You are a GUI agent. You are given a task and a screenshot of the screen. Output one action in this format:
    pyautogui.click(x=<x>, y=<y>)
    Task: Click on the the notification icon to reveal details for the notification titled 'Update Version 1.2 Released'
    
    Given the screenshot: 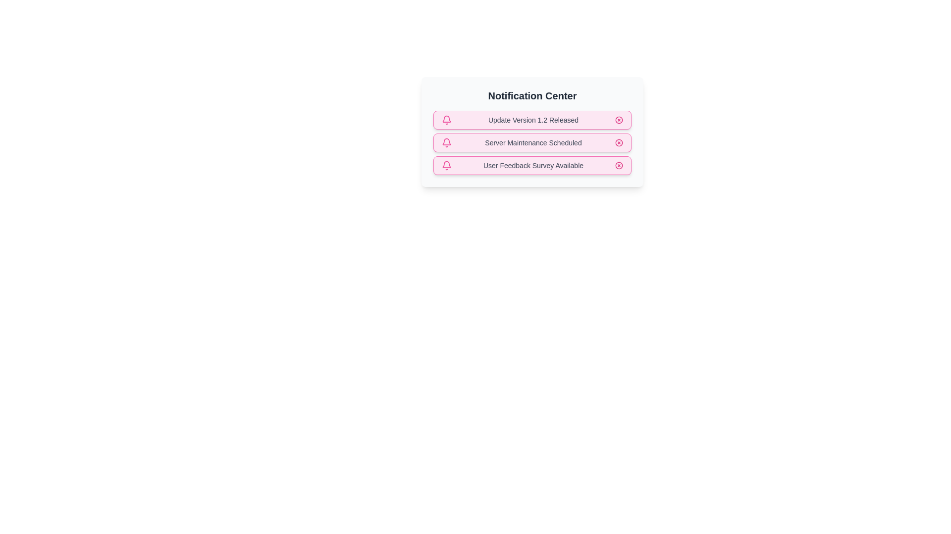 What is the action you would take?
    pyautogui.click(x=446, y=120)
    